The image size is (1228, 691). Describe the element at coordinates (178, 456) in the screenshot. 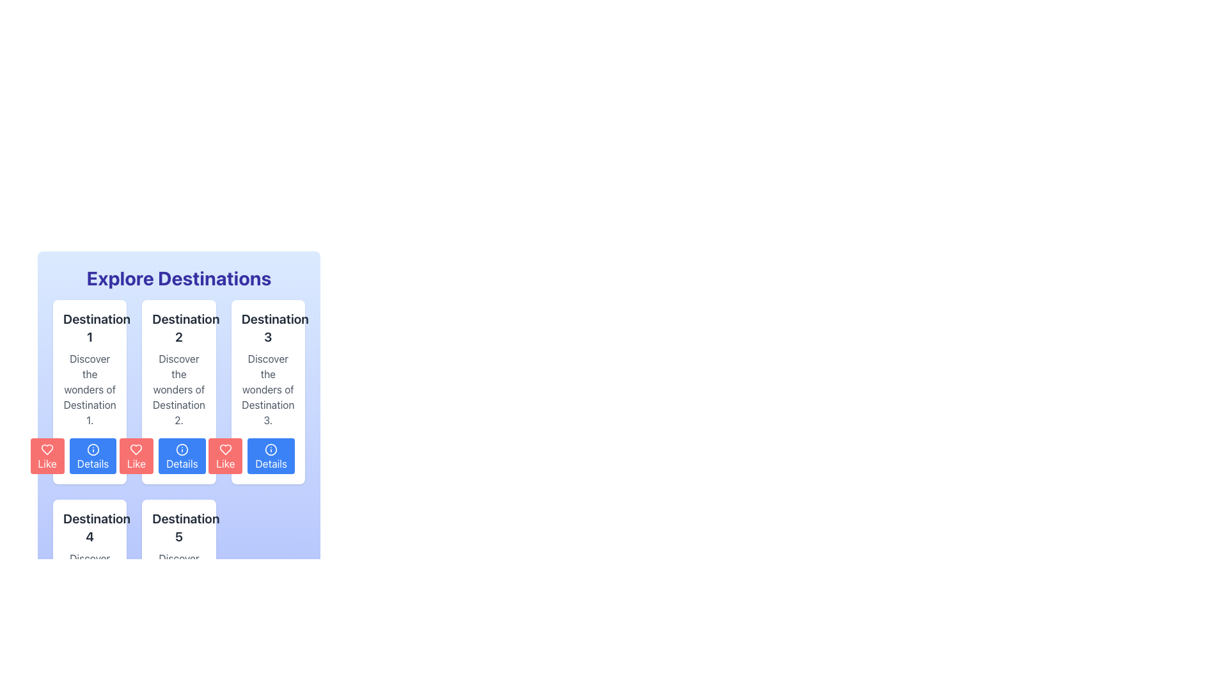

I see `the 'Details' button with a blue background and an information symbol, located at the bottom-right corner of the 'Destination 2' card` at that location.